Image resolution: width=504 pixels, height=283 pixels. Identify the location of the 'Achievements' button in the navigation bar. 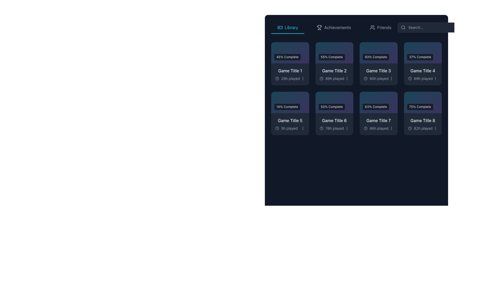
(356, 27).